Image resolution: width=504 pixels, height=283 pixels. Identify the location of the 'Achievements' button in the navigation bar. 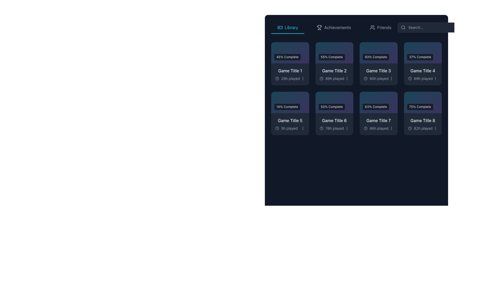
(356, 27).